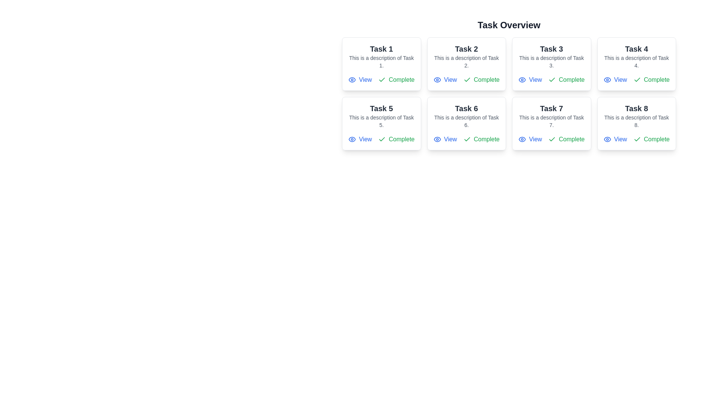  What do you see at coordinates (637, 139) in the screenshot?
I see `the checkmark icon located inside the 'Complete' button at the bottom right corner of the 'Task 8' card to mark the task as complete` at bounding box center [637, 139].